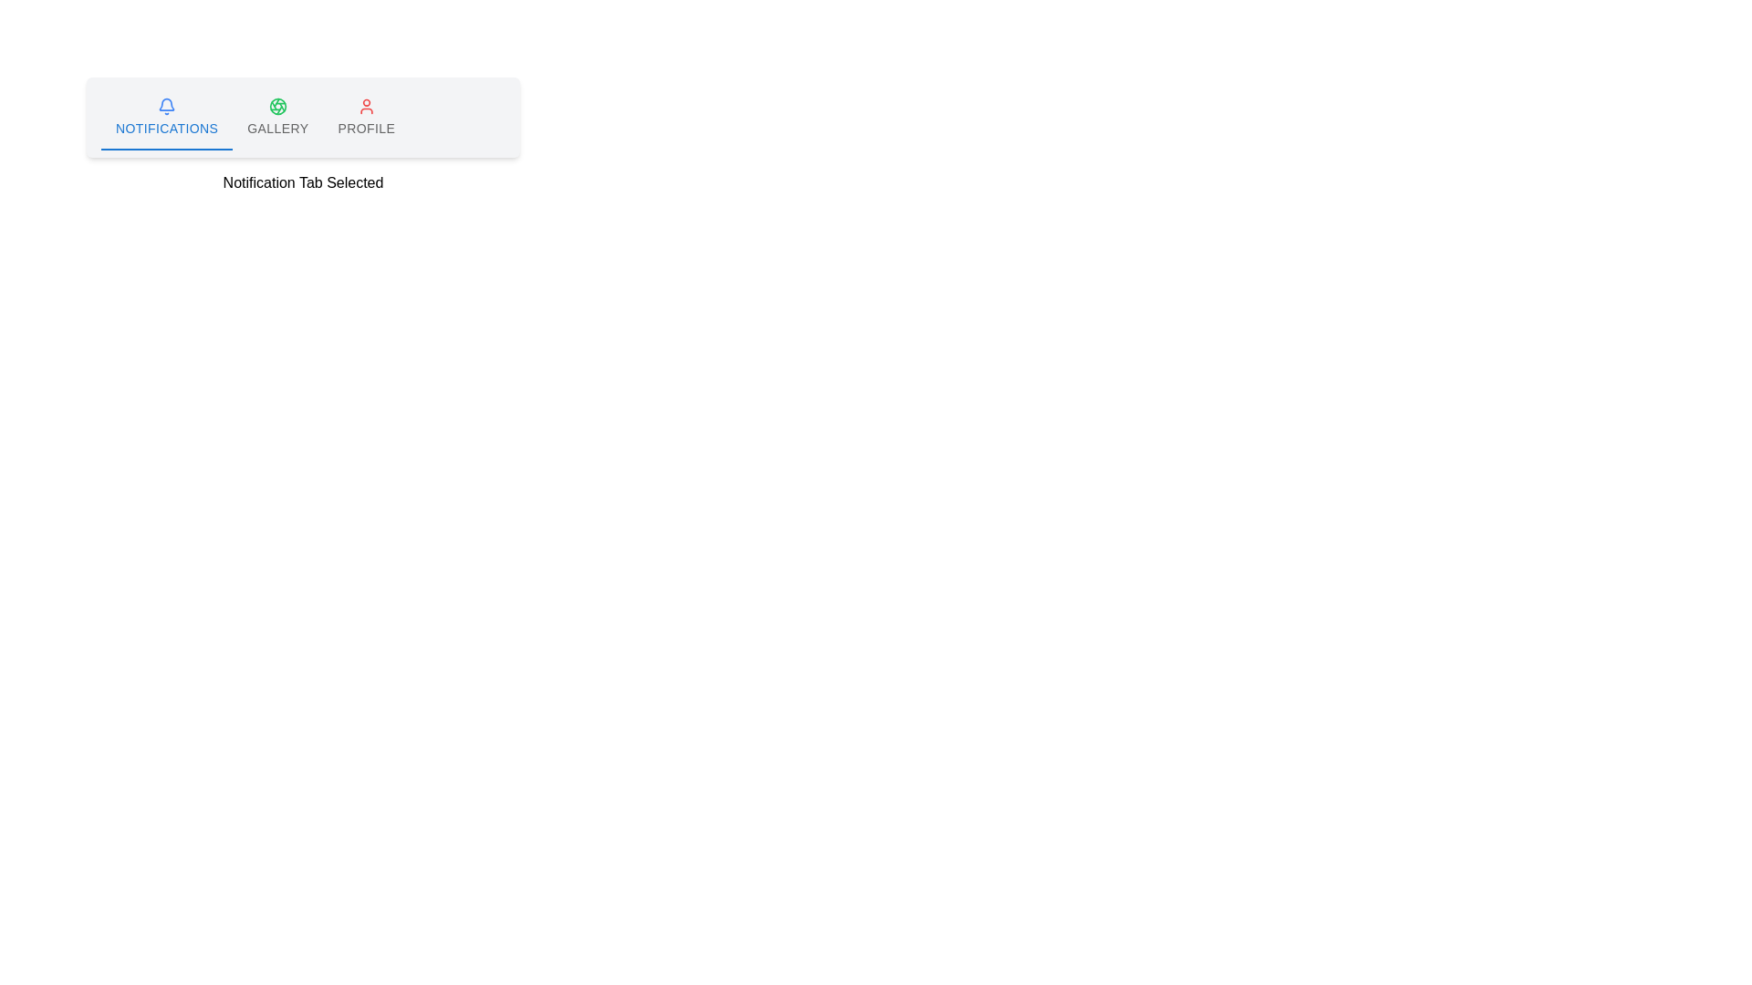  What do you see at coordinates (303, 117) in the screenshot?
I see `the 'Gallery' tab in the horizontal tab menu` at bounding box center [303, 117].